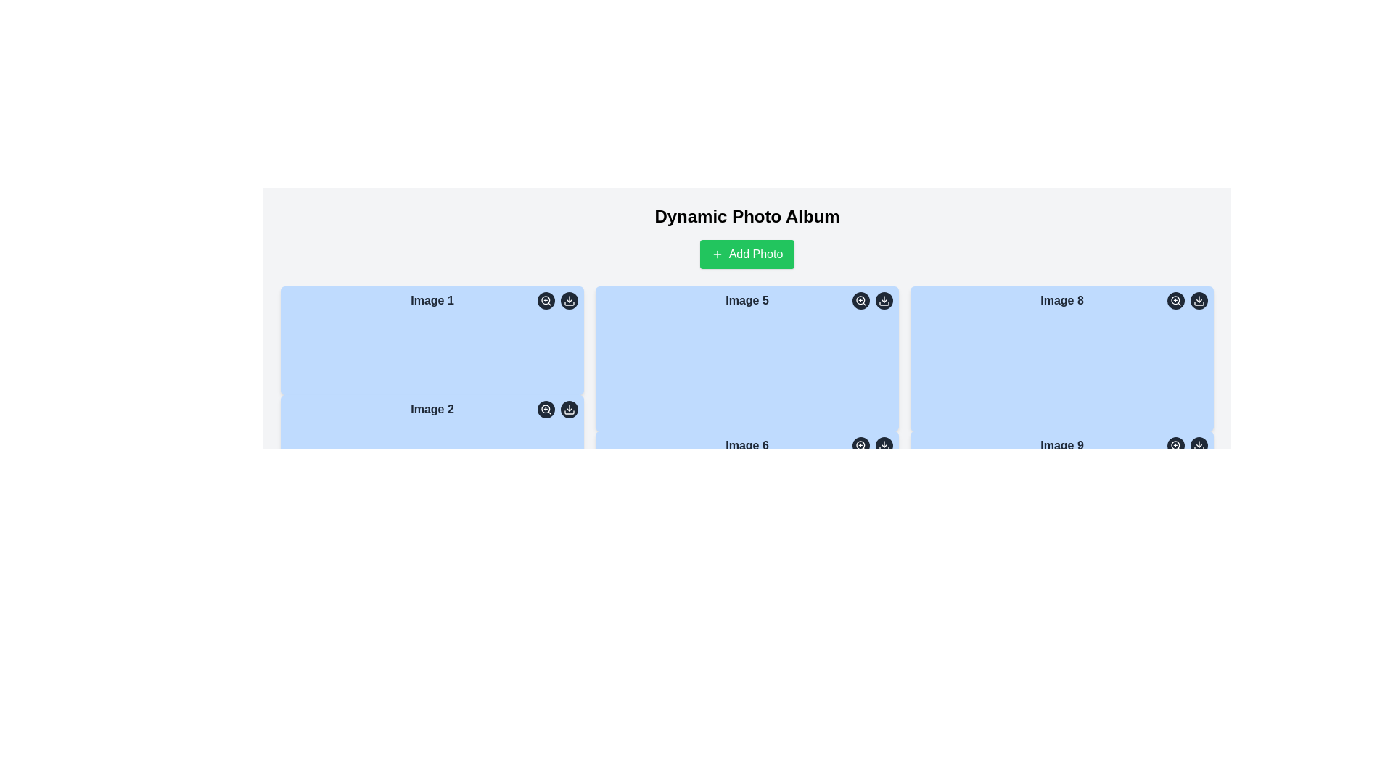 The height and width of the screenshot is (783, 1393). What do you see at coordinates (1062, 300) in the screenshot?
I see `the text label reading 'Image 8' which is styled with a bold font and dark gray color, located at the top-center of a light blue background area` at bounding box center [1062, 300].